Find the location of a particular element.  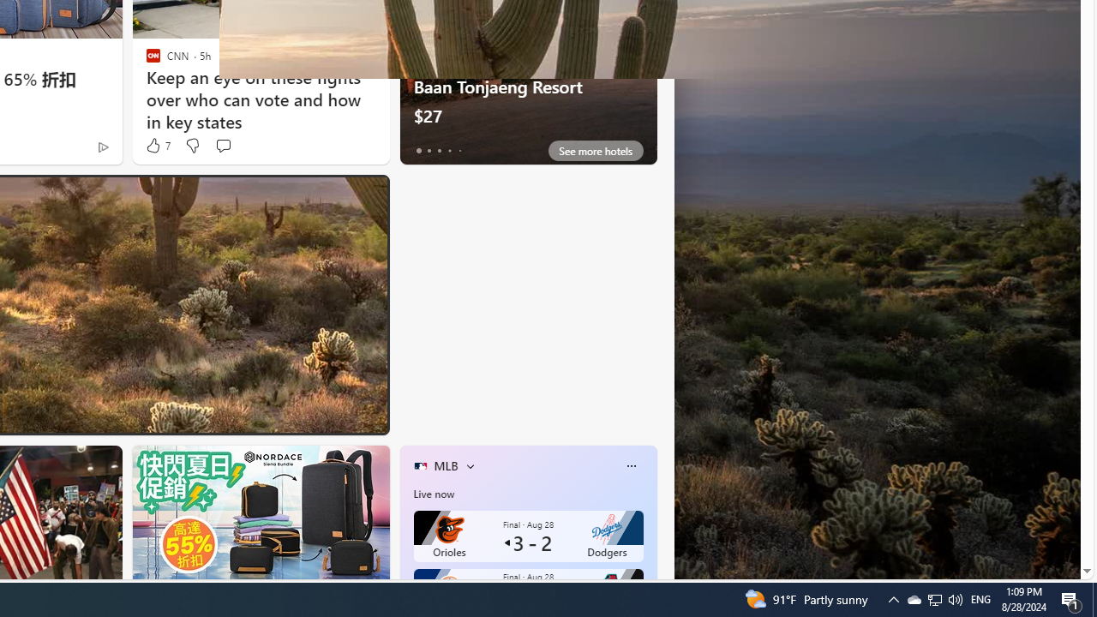

'tab-2' is located at coordinates (439, 150).